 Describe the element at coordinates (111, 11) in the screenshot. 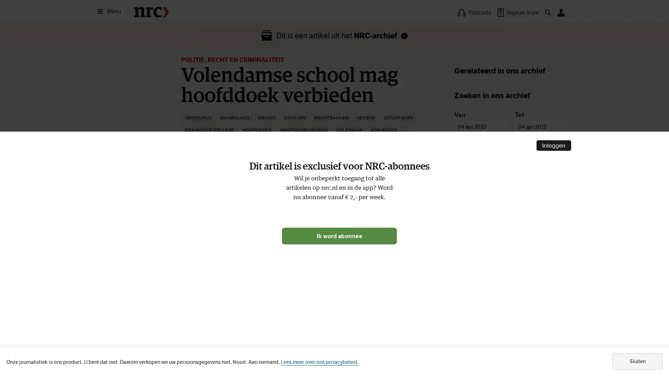

I see `Menu` at that location.